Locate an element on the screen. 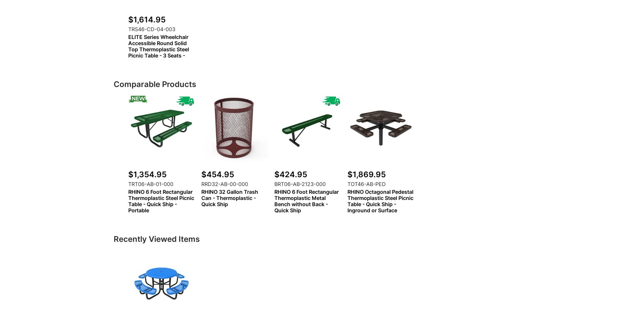 This screenshot has width=617, height=310. 'ELITE Series Wheelchair Accessible Round Solid Top Thermoplastic Steel Picnic Table - 3 Seats - Quick Ship - Portable or Surface Mount' is located at coordinates (158, 52).